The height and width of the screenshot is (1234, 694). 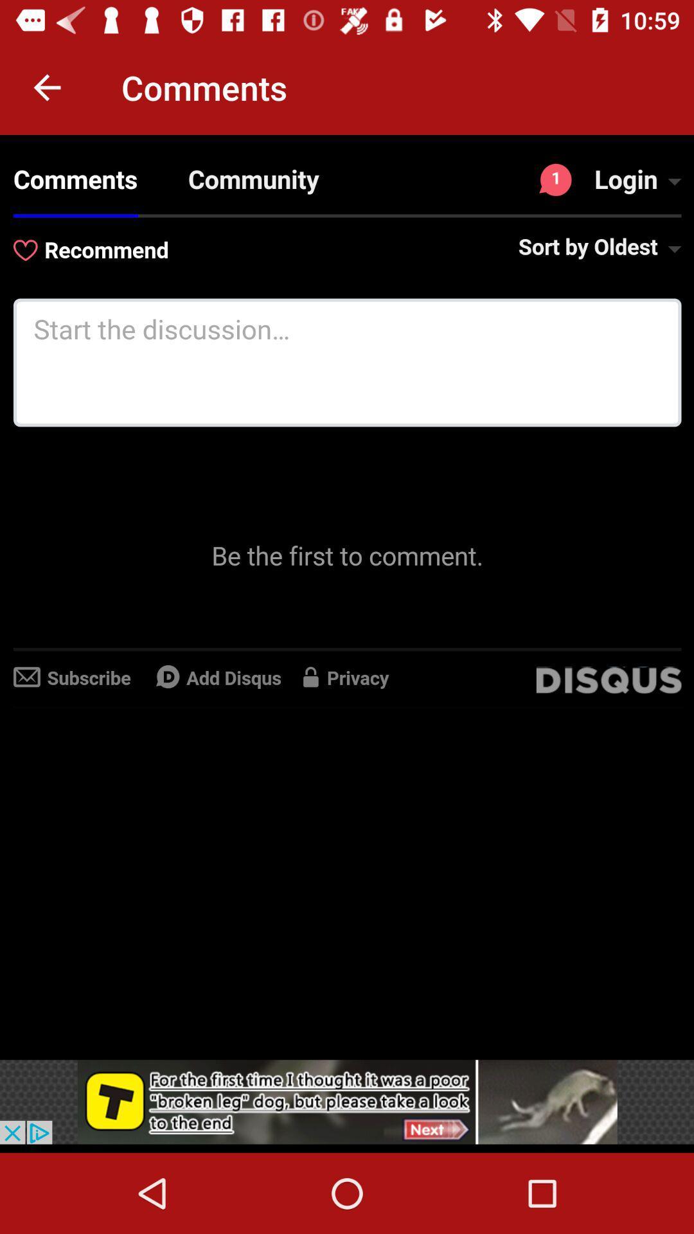 I want to click on open advertisement, so click(x=347, y=1101).